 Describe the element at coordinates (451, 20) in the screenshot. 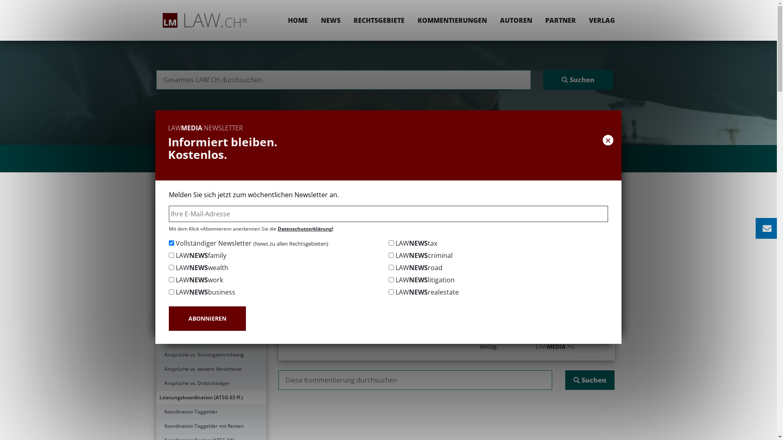

I see `'KOMMENTIERUNGEN'` at that location.